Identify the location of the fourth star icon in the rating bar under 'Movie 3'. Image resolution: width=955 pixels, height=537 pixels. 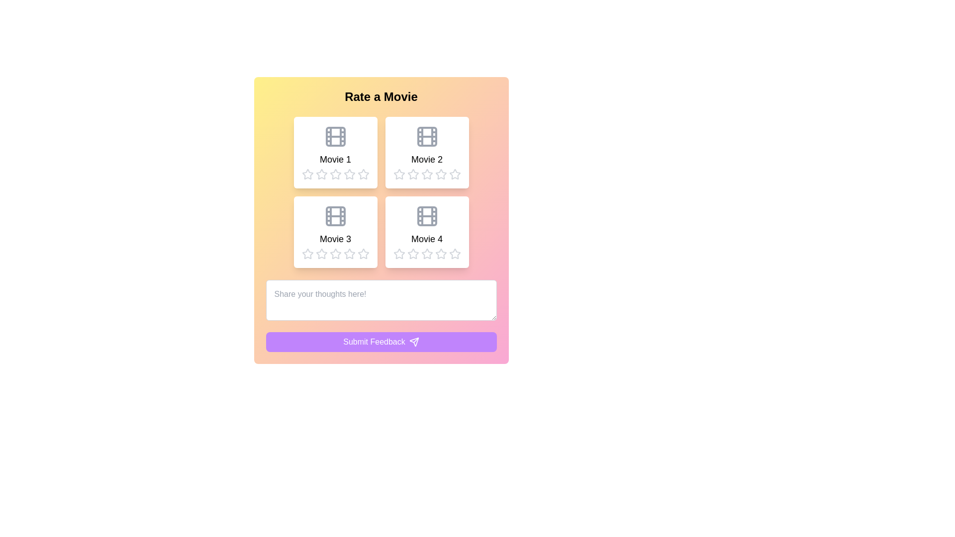
(335, 253).